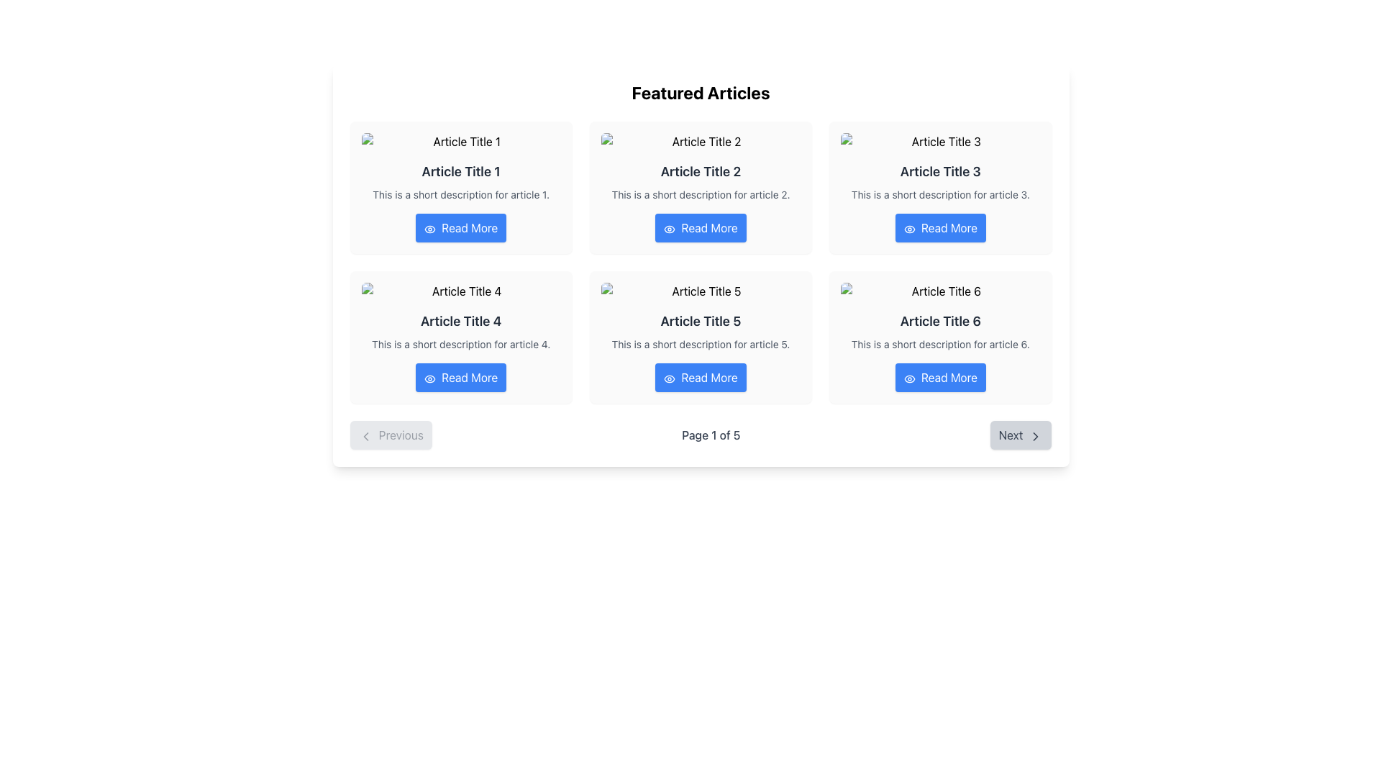 This screenshot has width=1381, height=777. What do you see at coordinates (461, 376) in the screenshot?
I see `the interactive button that allows users` at bounding box center [461, 376].